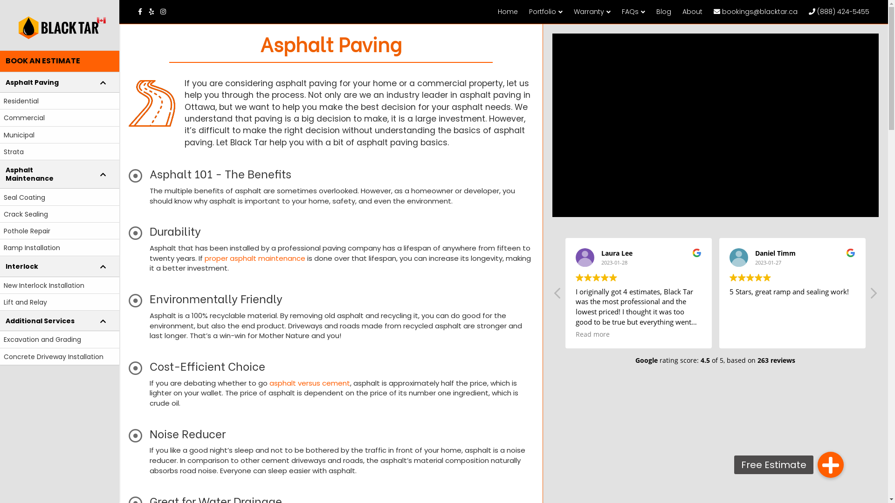 This screenshot has height=503, width=895. What do you see at coordinates (663, 11) in the screenshot?
I see `'Blog'` at bounding box center [663, 11].